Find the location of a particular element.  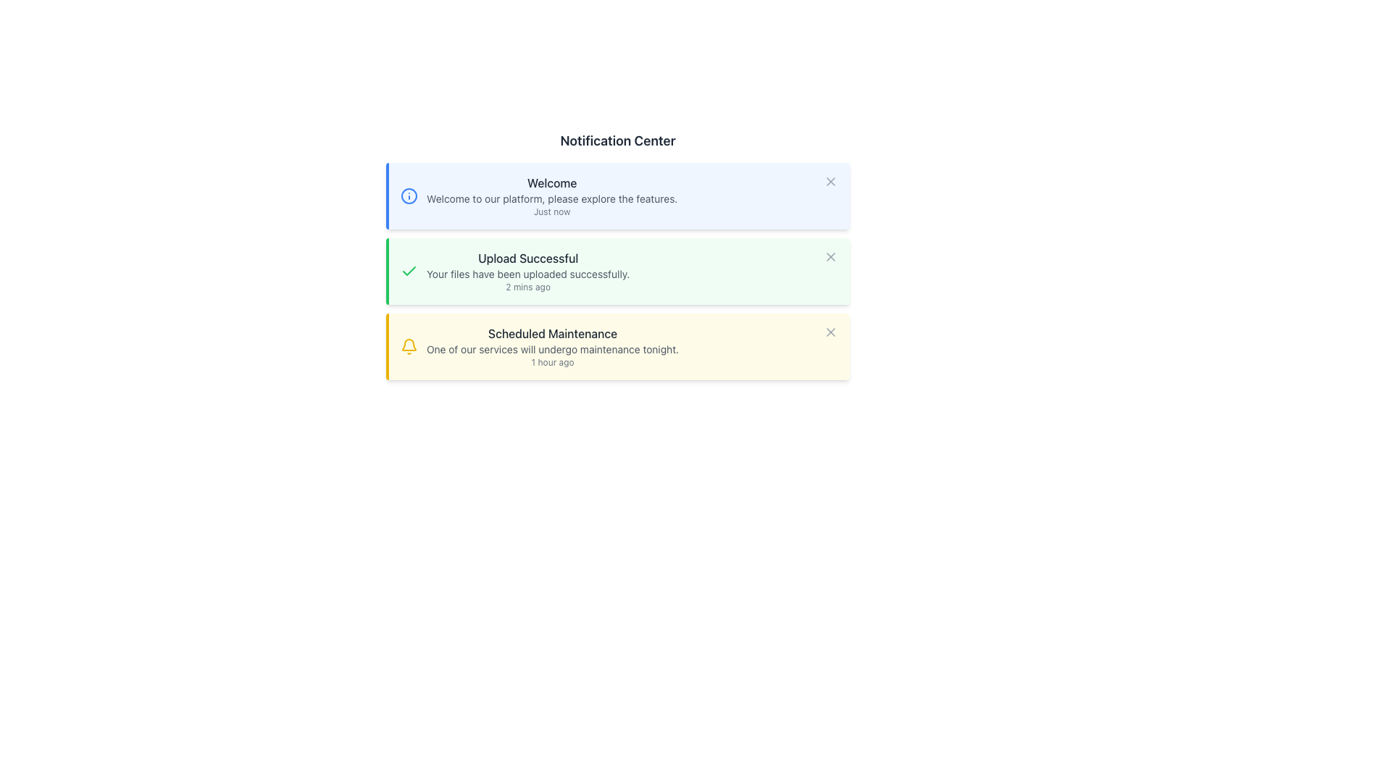

the text label that serves as the title for the notification about a successful upload event, located in the second notification message in the Notification Center is located at coordinates (527, 258).